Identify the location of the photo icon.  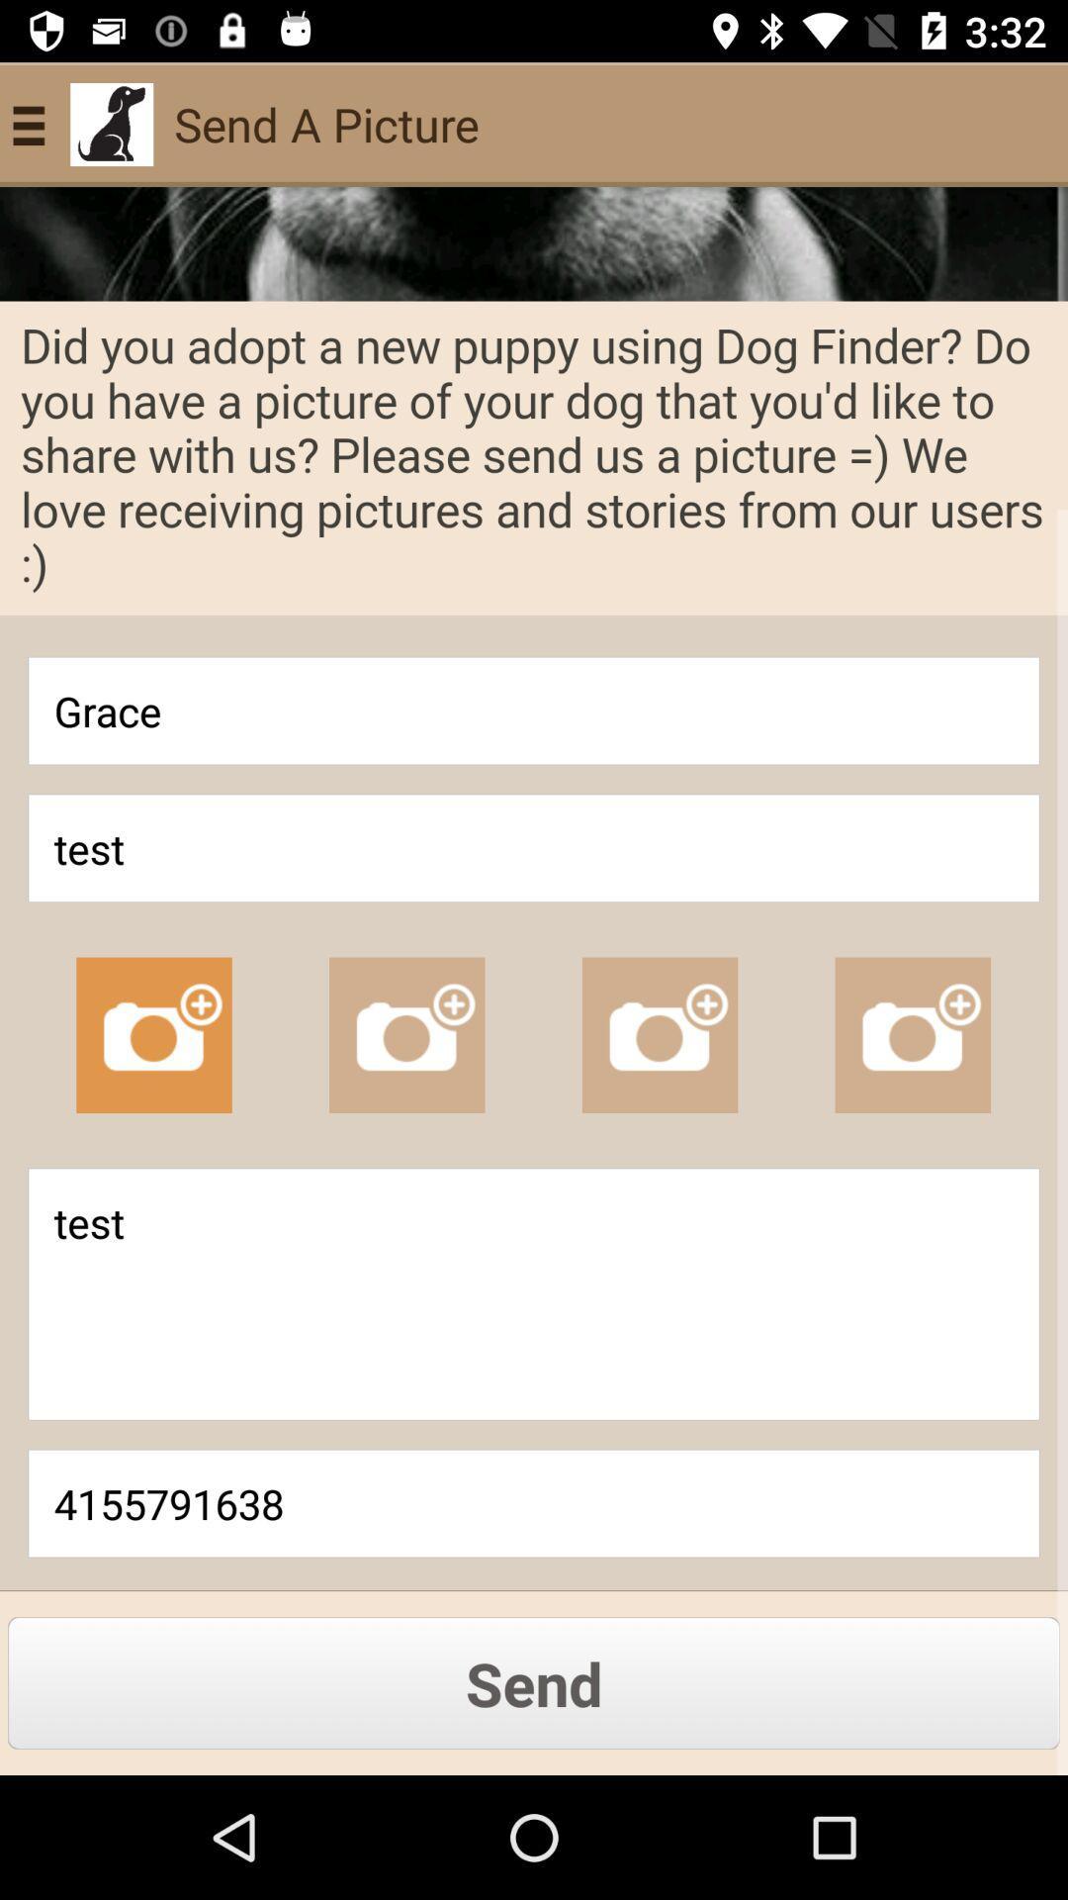
(152, 1034).